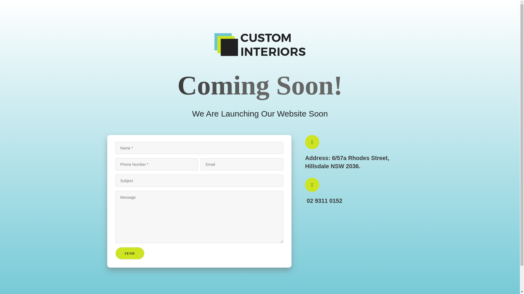  I want to click on ' 02 9311 0152', so click(323, 200).